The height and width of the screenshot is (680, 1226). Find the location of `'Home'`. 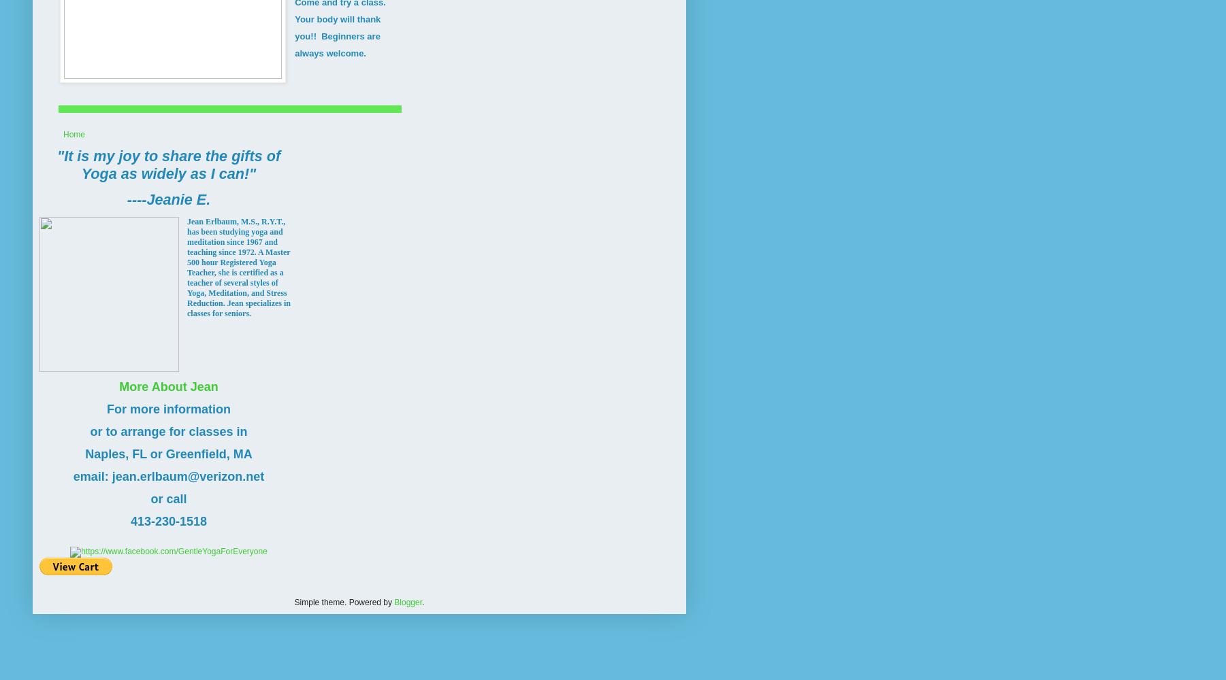

'Home' is located at coordinates (62, 133).